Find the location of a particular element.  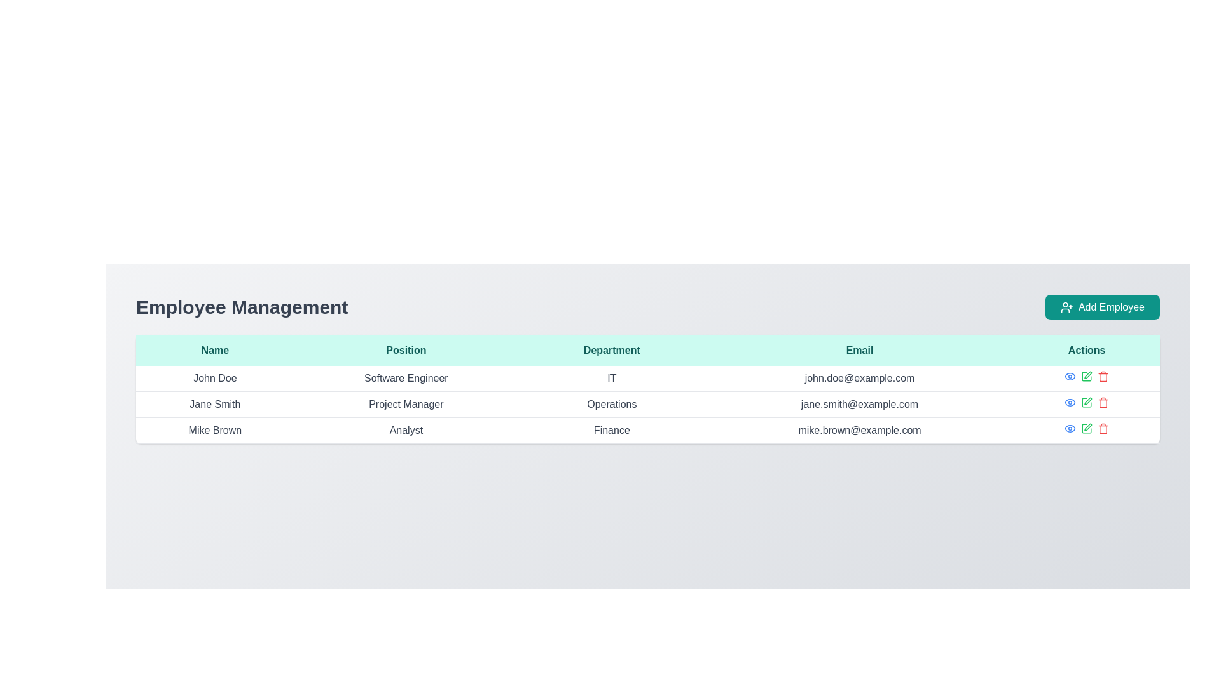

the button containing the user profile icon with a plus sign, which is located to the left of the 'Add Employee' text on a teal background is located at coordinates (1066, 307).